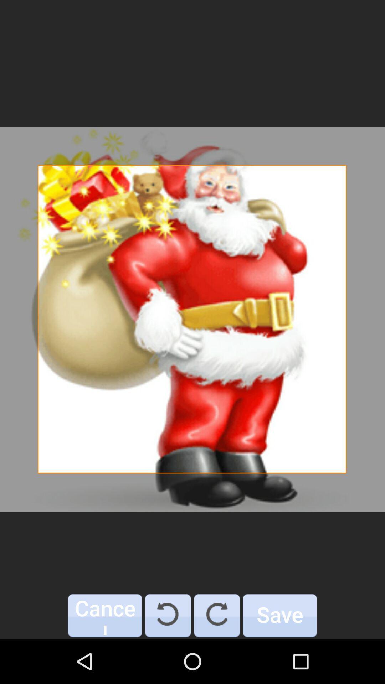 The image size is (385, 684). Describe the element at coordinates (216, 615) in the screenshot. I see `the refresh icon` at that location.